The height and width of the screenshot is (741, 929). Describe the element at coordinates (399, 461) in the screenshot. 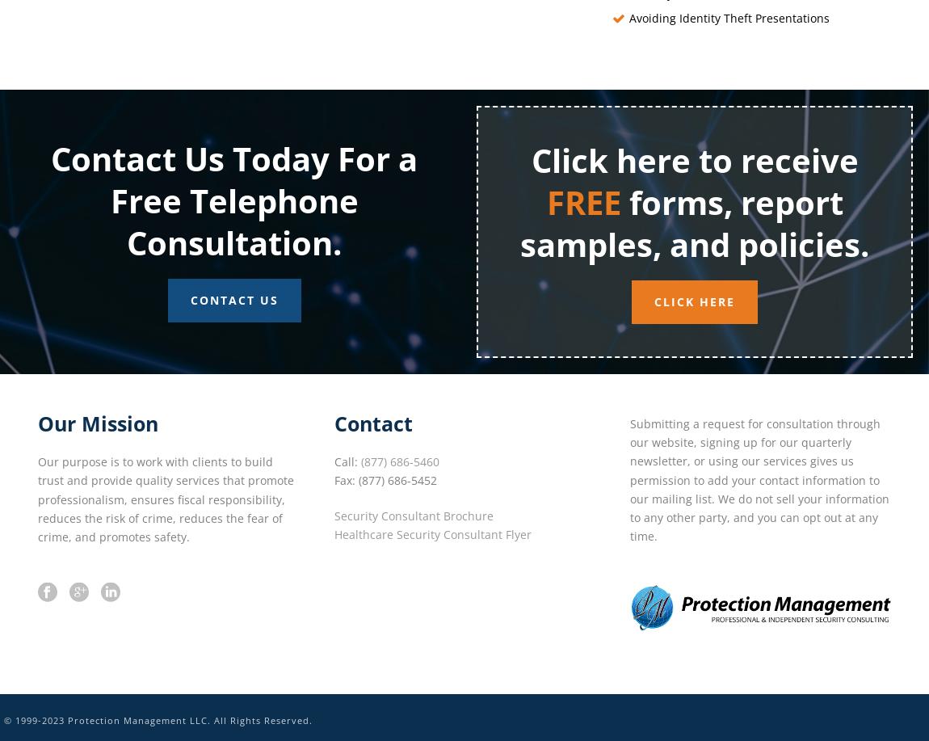

I see `'(877) 686-5460'` at that location.